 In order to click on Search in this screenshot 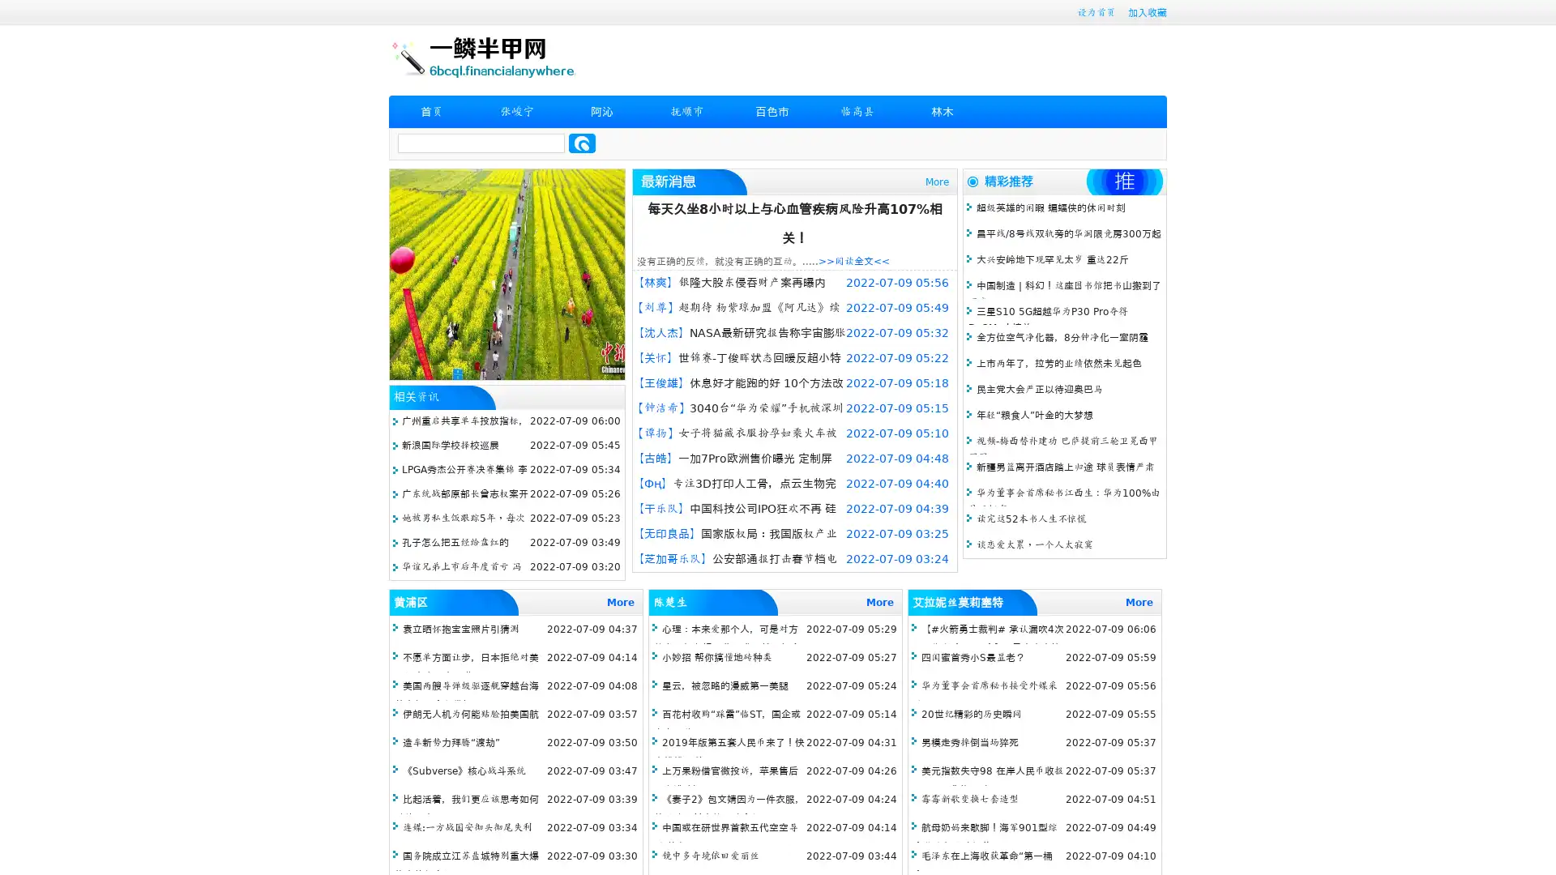, I will do `click(582, 143)`.